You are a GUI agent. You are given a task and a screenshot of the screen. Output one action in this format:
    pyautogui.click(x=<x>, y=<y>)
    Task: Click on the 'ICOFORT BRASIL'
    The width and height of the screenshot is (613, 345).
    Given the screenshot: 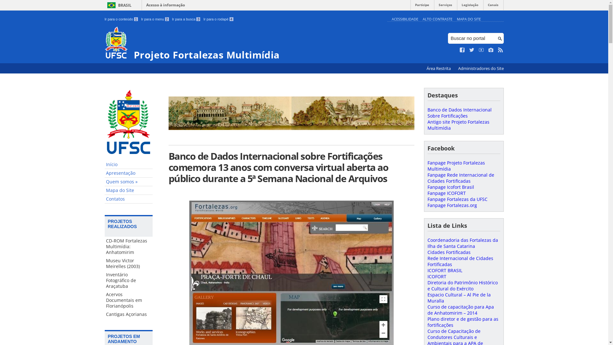 What is the action you would take?
    pyautogui.click(x=444, y=270)
    